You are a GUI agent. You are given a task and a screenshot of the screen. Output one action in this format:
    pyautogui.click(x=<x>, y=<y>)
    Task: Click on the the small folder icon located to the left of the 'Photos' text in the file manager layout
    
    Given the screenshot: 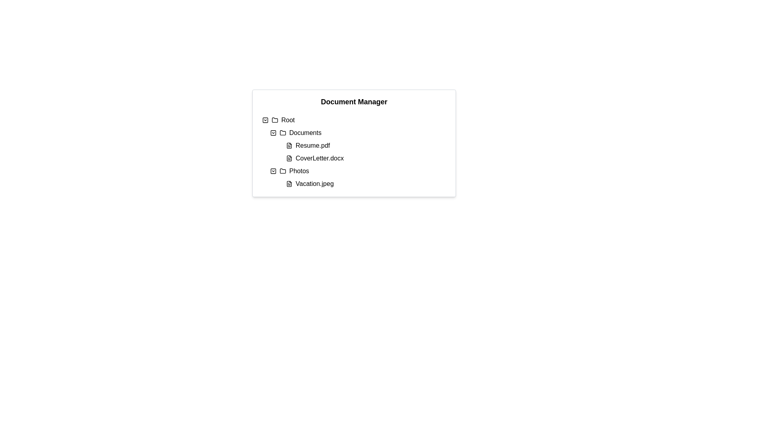 What is the action you would take?
    pyautogui.click(x=283, y=170)
    